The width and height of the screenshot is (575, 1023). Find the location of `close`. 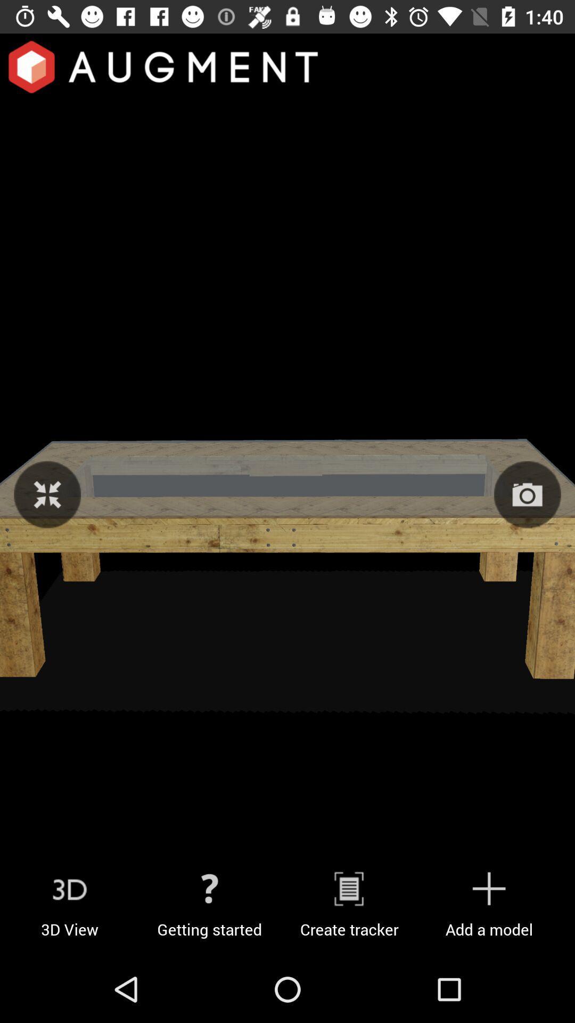

close is located at coordinates (47, 494).